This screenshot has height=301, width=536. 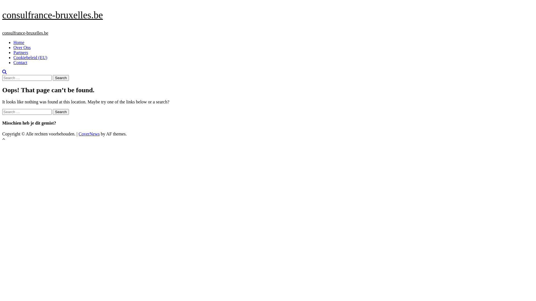 What do you see at coordinates (2, 15) in the screenshot?
I see `'consulfrance-bruxelles.be'` at bounding box center [2, 15].